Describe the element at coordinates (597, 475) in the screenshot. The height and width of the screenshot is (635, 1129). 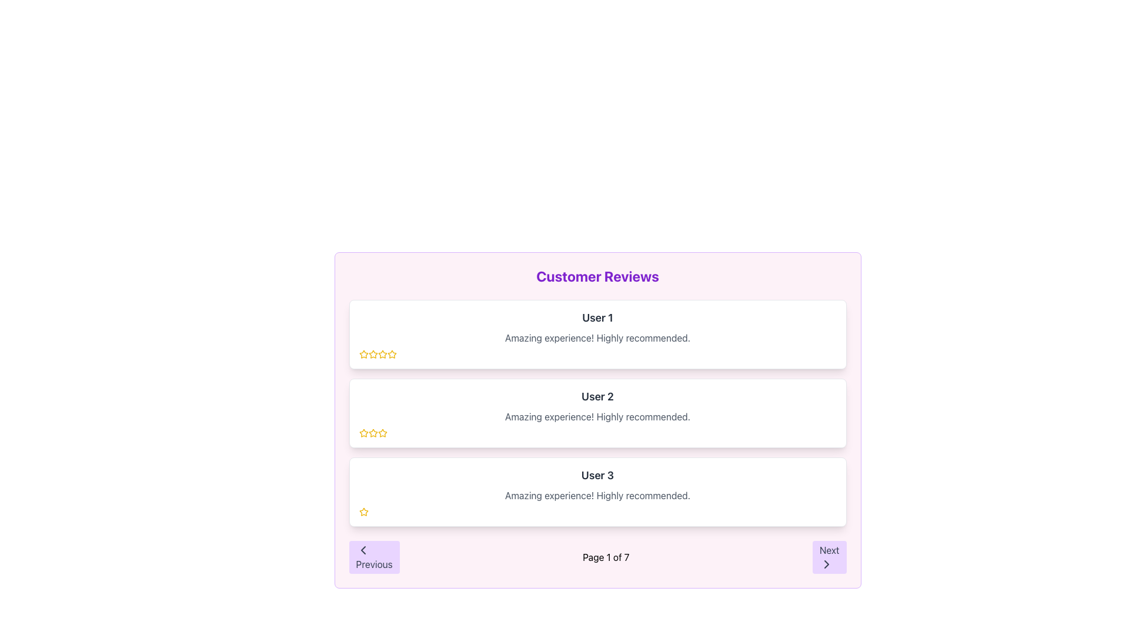
I see `the label identifying the author of the review for 'User 3' located at the top of the review card` at that location.